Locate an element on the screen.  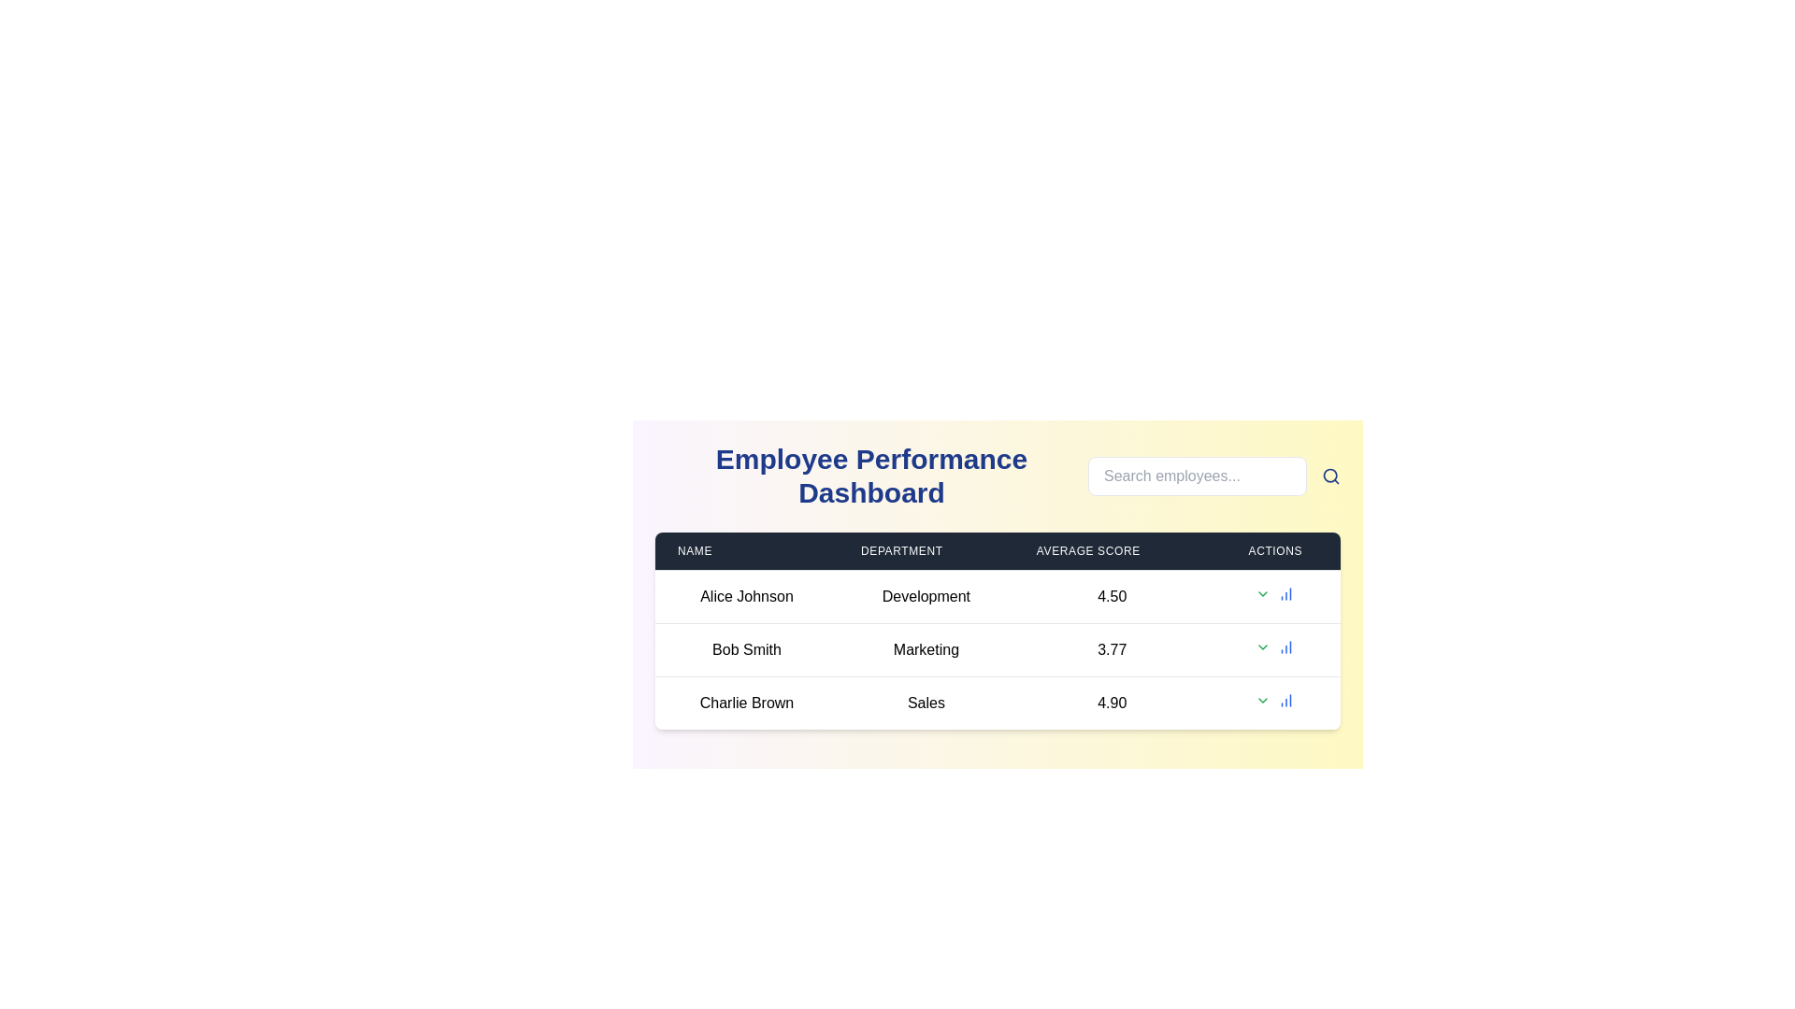
the table header titled 'DEPARTMENT', which is styled in uppercase white text against a dark background and is the second header in the sequence within the table's header row is located at coordinates (926, 550).